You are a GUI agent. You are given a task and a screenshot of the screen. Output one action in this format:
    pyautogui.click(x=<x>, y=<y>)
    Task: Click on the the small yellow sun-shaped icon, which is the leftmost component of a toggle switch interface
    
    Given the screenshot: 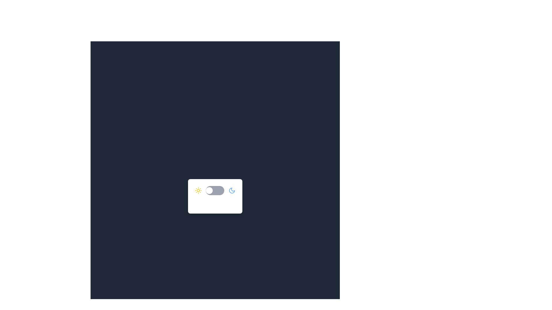 What is the action you would take?
    pyautogui.click(x=198, y=190)
    